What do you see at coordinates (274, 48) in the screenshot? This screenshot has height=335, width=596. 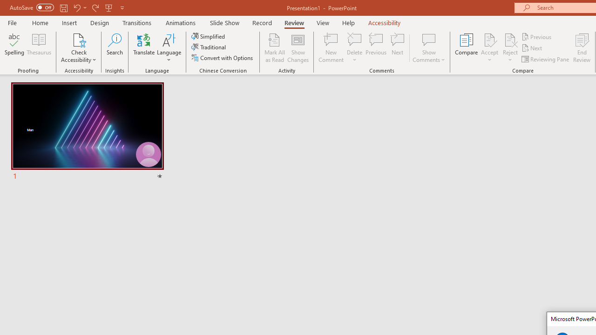 I see `'Mark All as Read'` at bounding box center [274, 48].